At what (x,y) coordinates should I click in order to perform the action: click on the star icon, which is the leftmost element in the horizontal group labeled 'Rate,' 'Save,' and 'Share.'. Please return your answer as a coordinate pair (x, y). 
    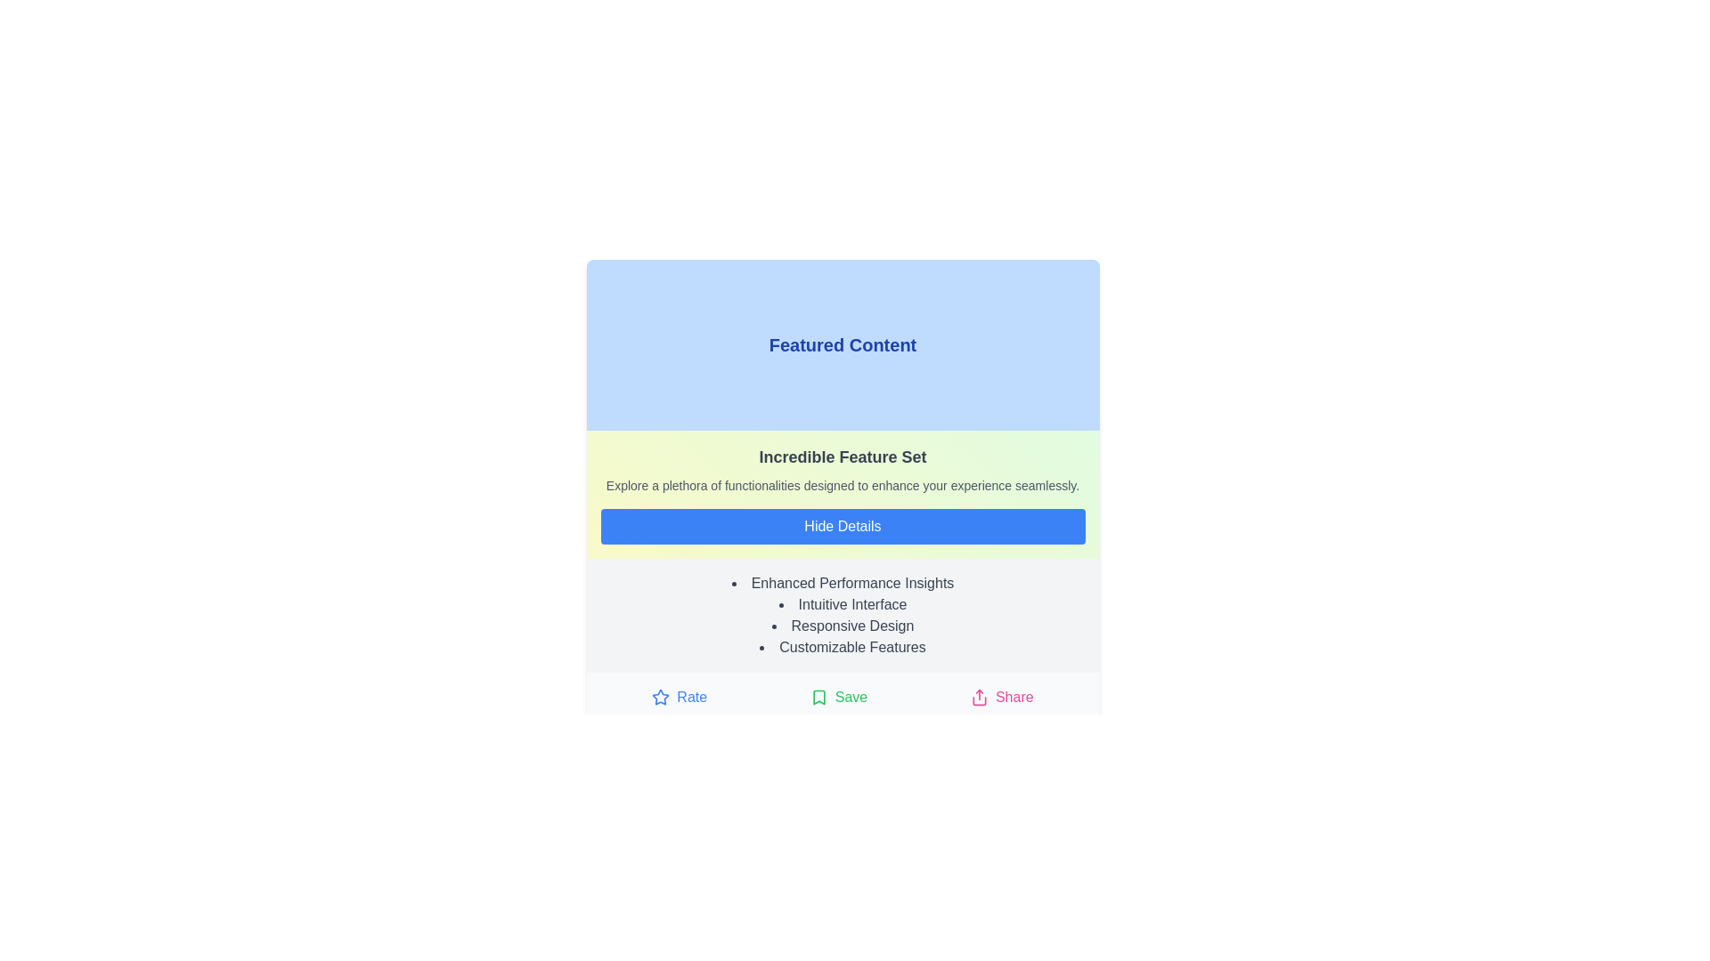
    Looking at the image, I should click on (660, 696).